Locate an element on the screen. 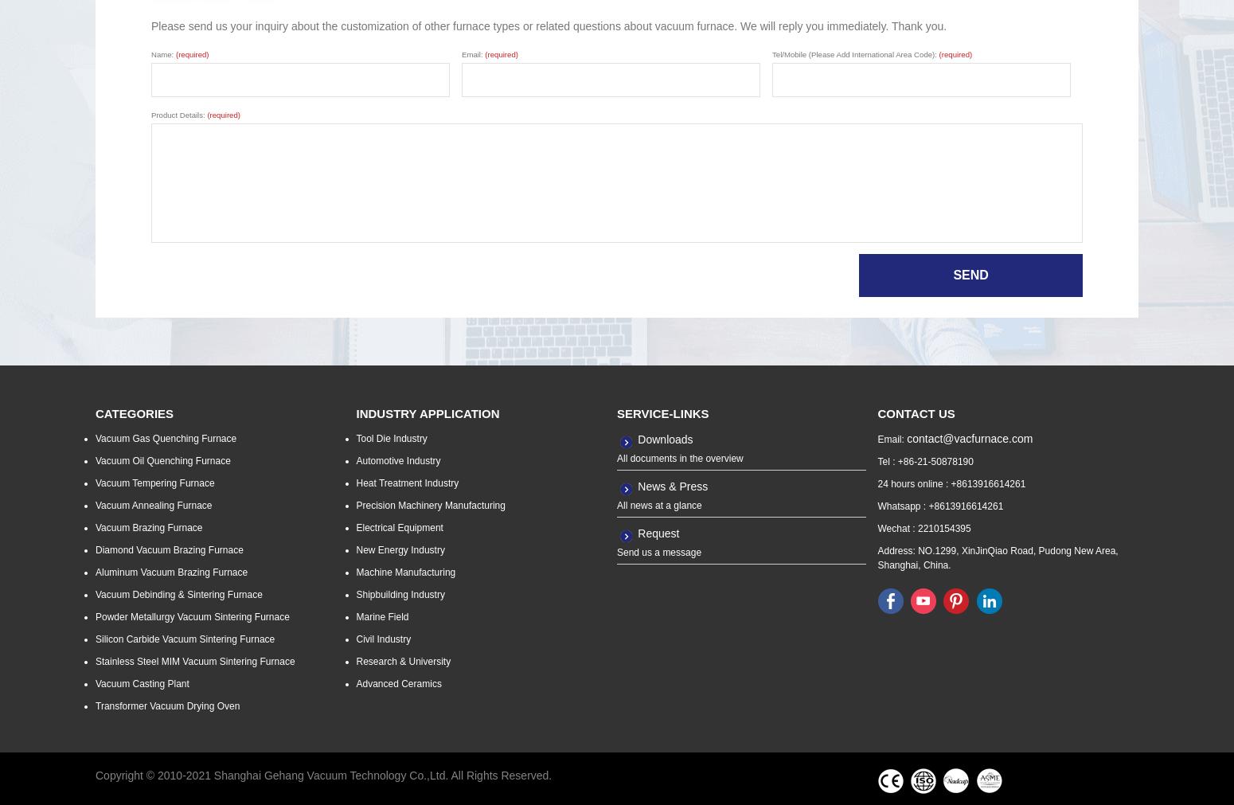 The height and width of the screenshot is (805, 1234). 'Stainless Steel MIM Vacuum Sintering Furnace' is located at coordinates (195, 660).